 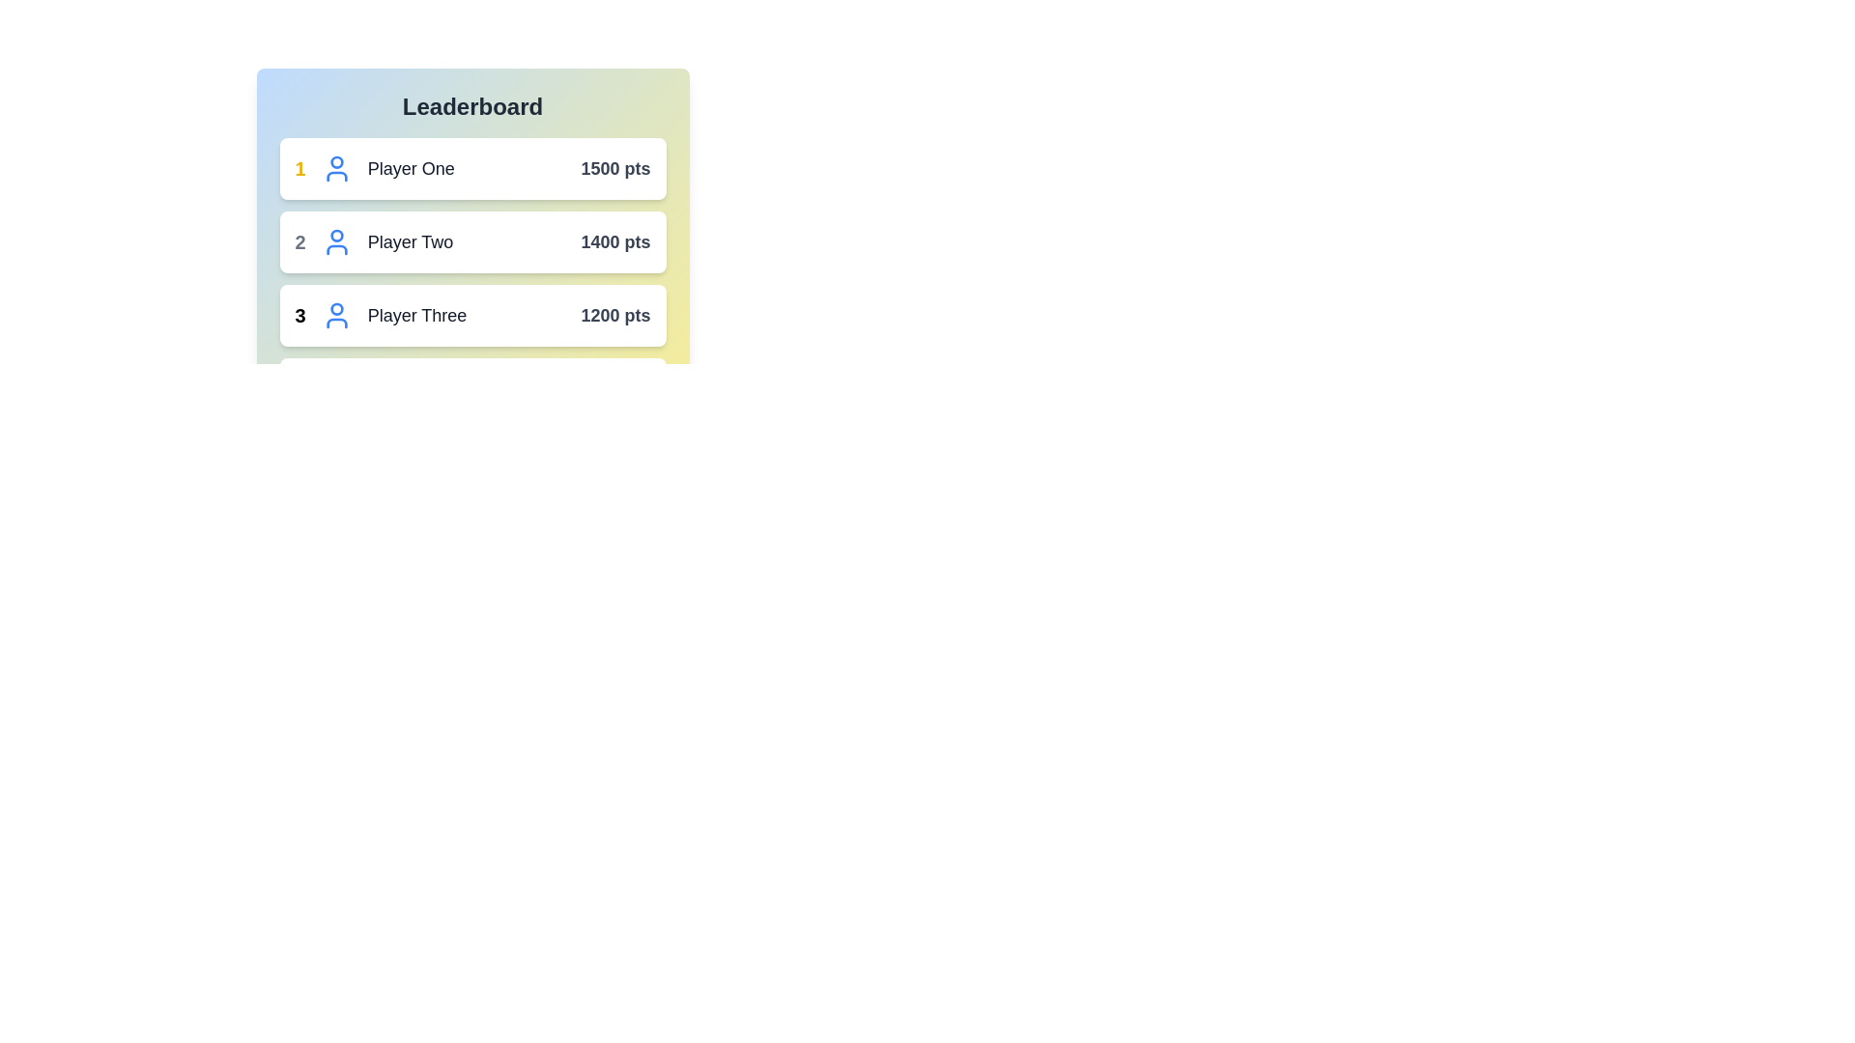 I want to click on the score of player Player Three to select it, so click(x=614, y=315).